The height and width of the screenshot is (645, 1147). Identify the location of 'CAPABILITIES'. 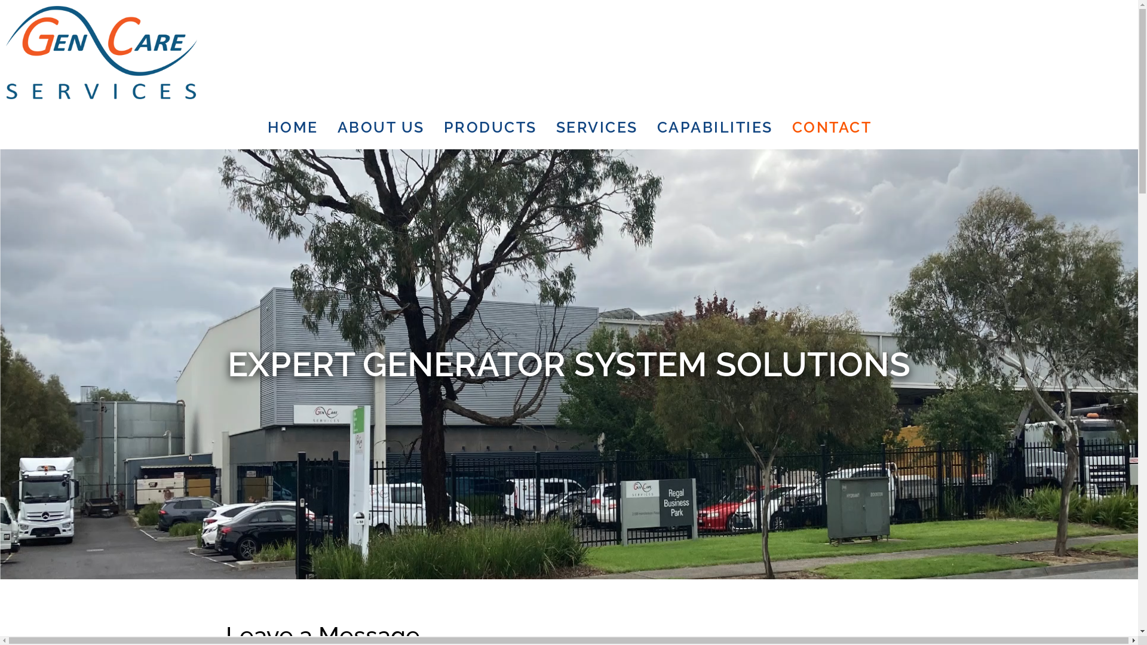
(714, 127).